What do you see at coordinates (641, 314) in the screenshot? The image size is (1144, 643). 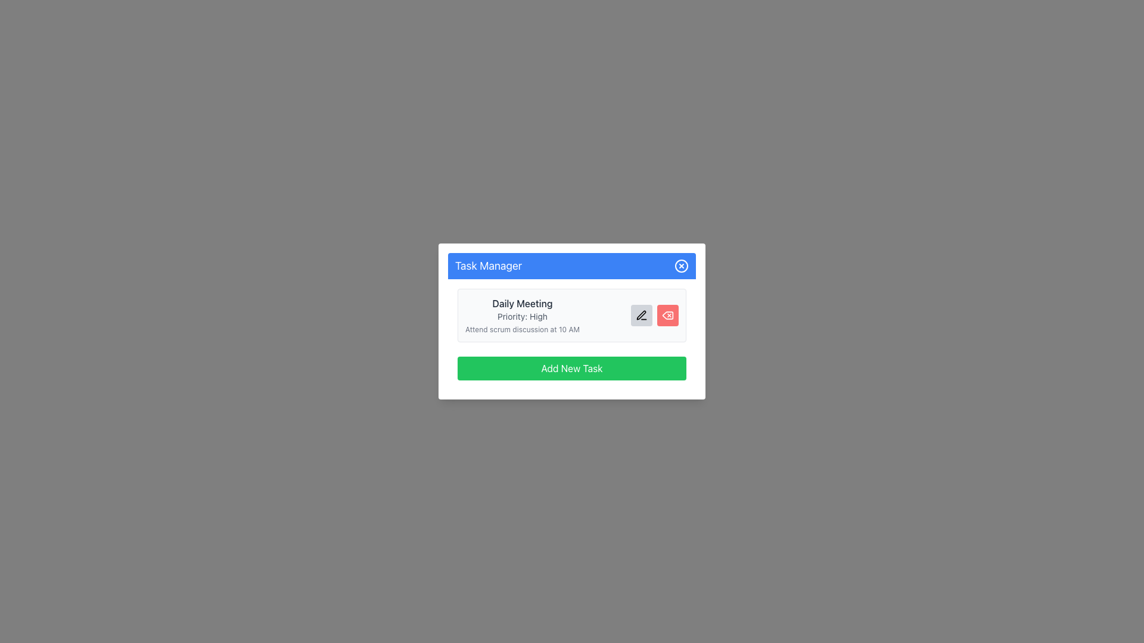 I see `the pen icon button within the 'Task Manager' modal dialog` at bounding box center [641, 314].